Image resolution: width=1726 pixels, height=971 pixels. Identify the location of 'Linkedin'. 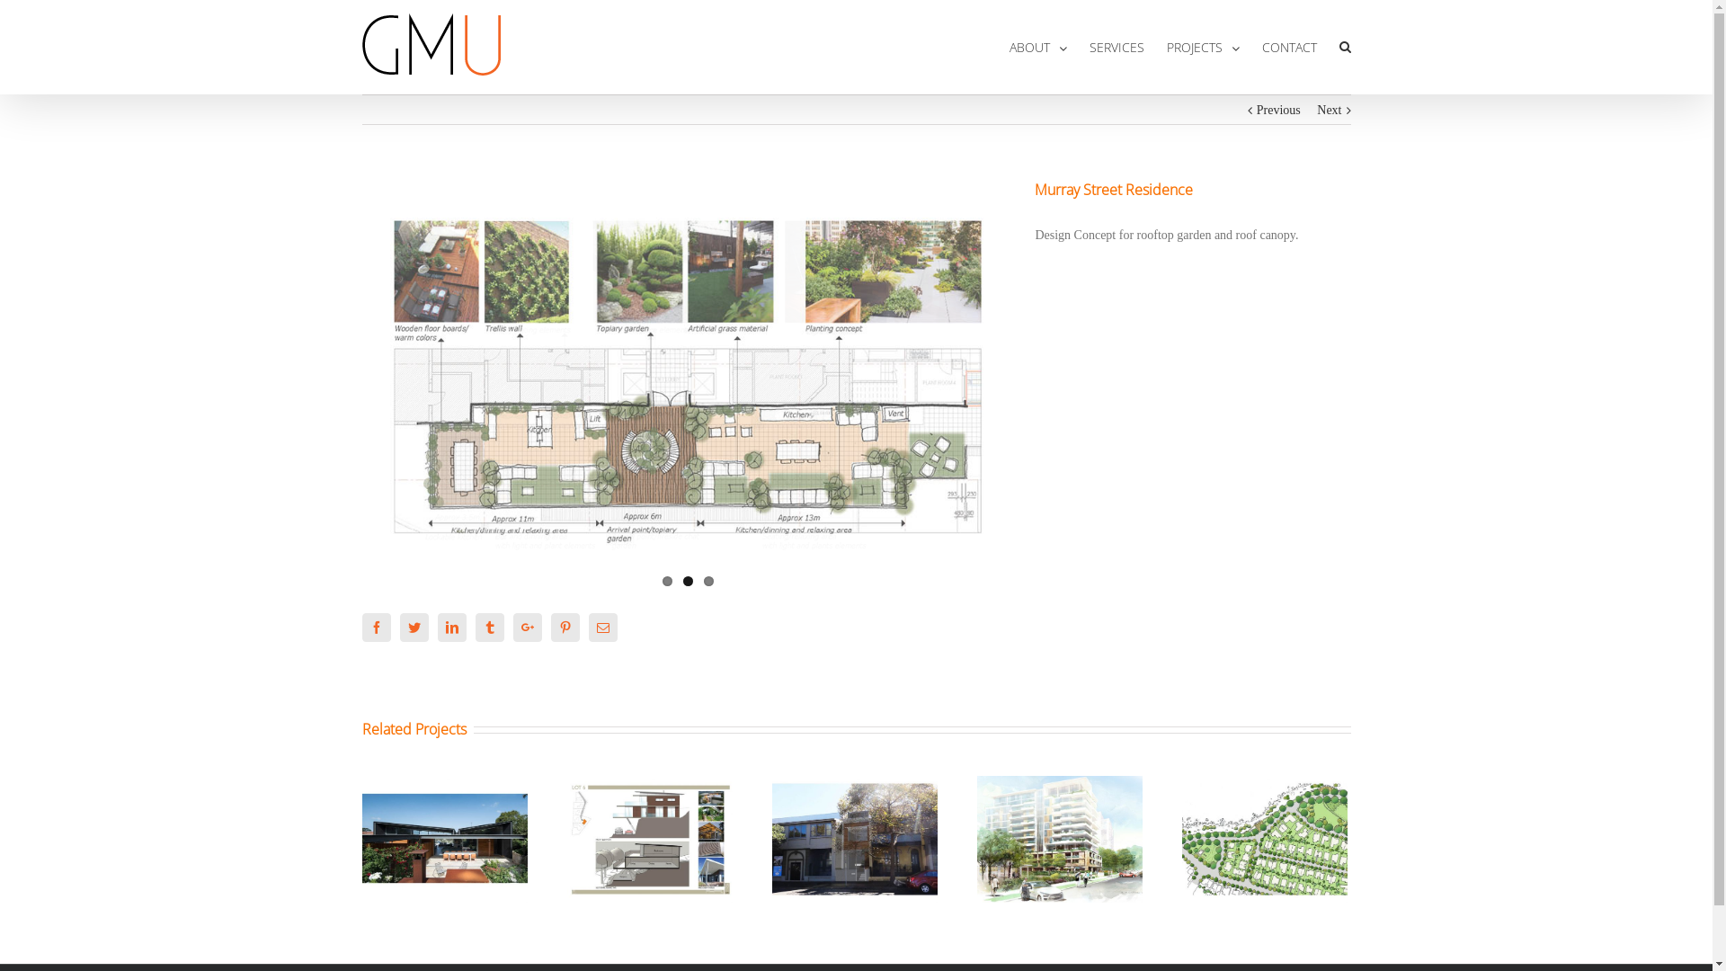
(451, 627).